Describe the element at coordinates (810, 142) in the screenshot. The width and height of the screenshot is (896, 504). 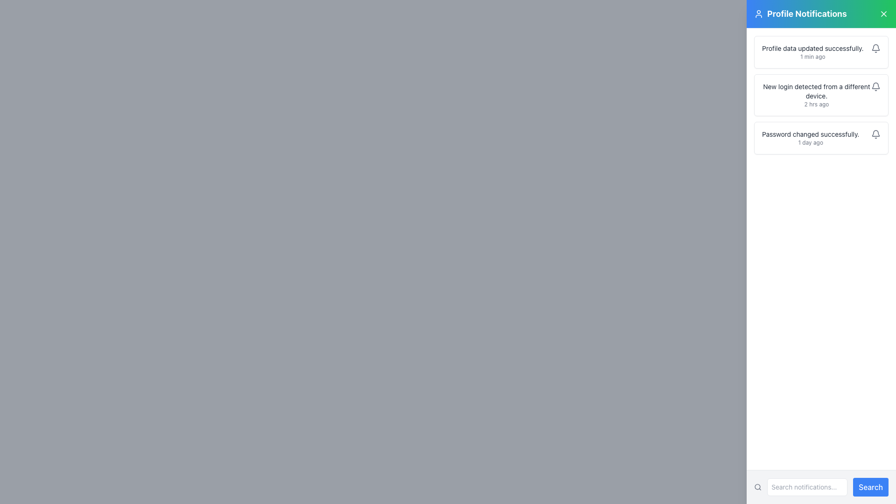
I see `static text label displaying '1 day ago' located below the 'Password changed successfully.' message in the notification card` at that location.